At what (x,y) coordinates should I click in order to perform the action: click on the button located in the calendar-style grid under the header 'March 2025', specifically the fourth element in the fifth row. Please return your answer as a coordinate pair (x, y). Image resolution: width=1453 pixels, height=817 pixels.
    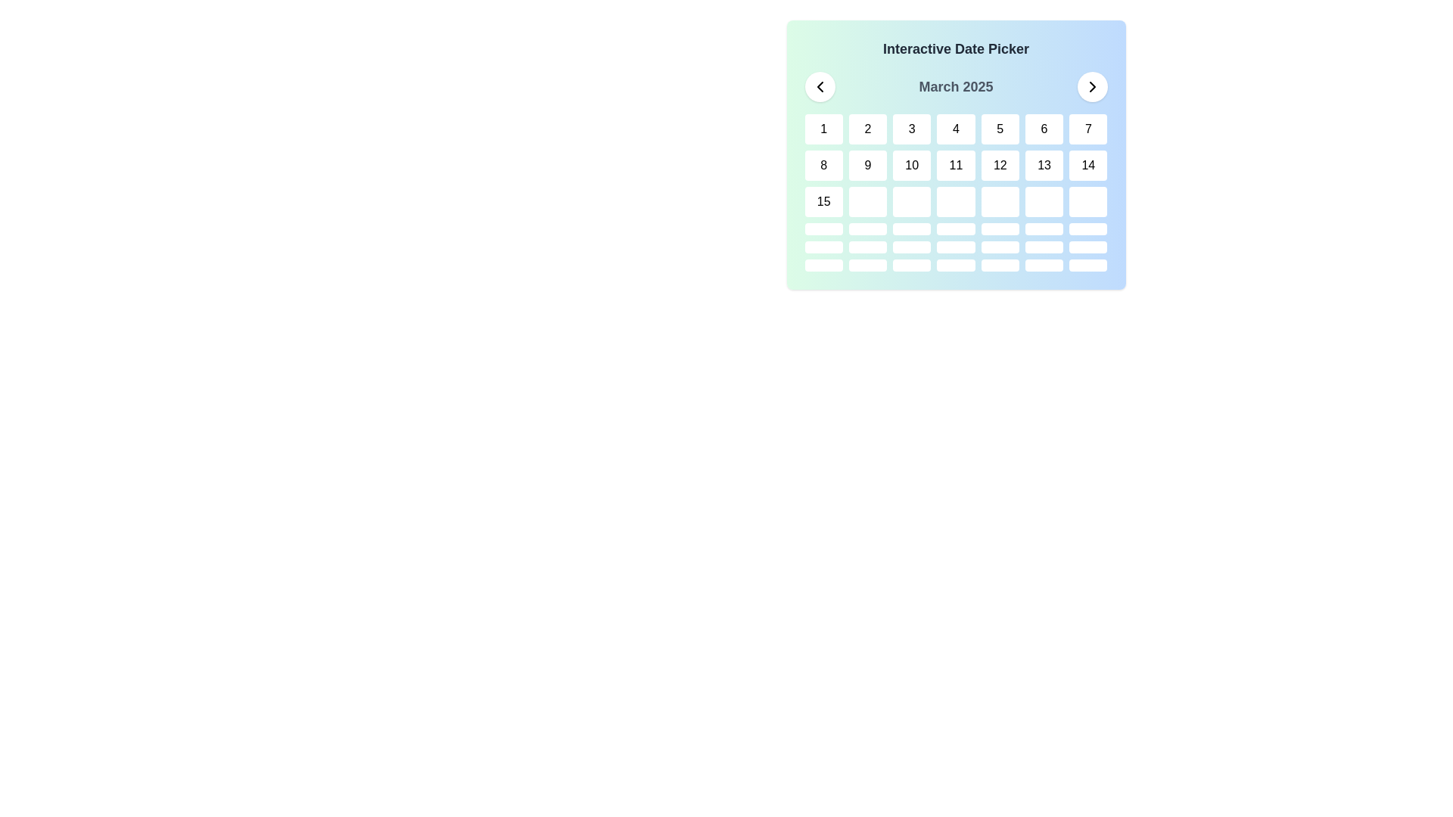
    Looking at the image, I should click on (911, 247).